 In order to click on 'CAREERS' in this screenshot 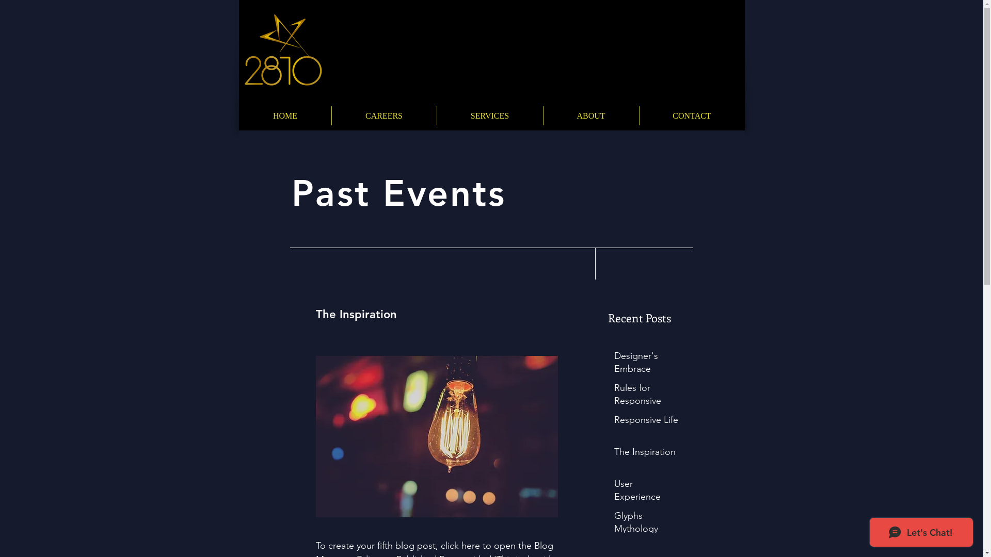, I will do `click(331, 116)`.